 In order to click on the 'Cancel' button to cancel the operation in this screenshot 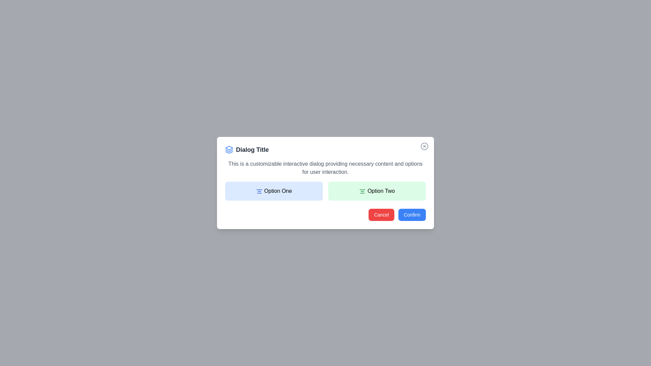, I will do `click(381, 215)`.